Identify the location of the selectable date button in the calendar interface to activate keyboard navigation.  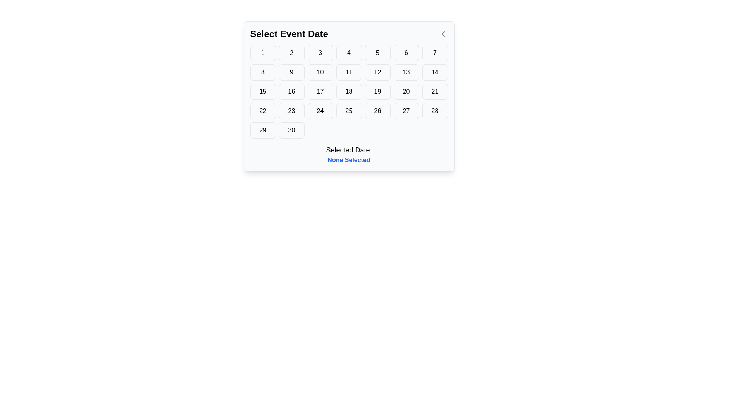
(406, 72).